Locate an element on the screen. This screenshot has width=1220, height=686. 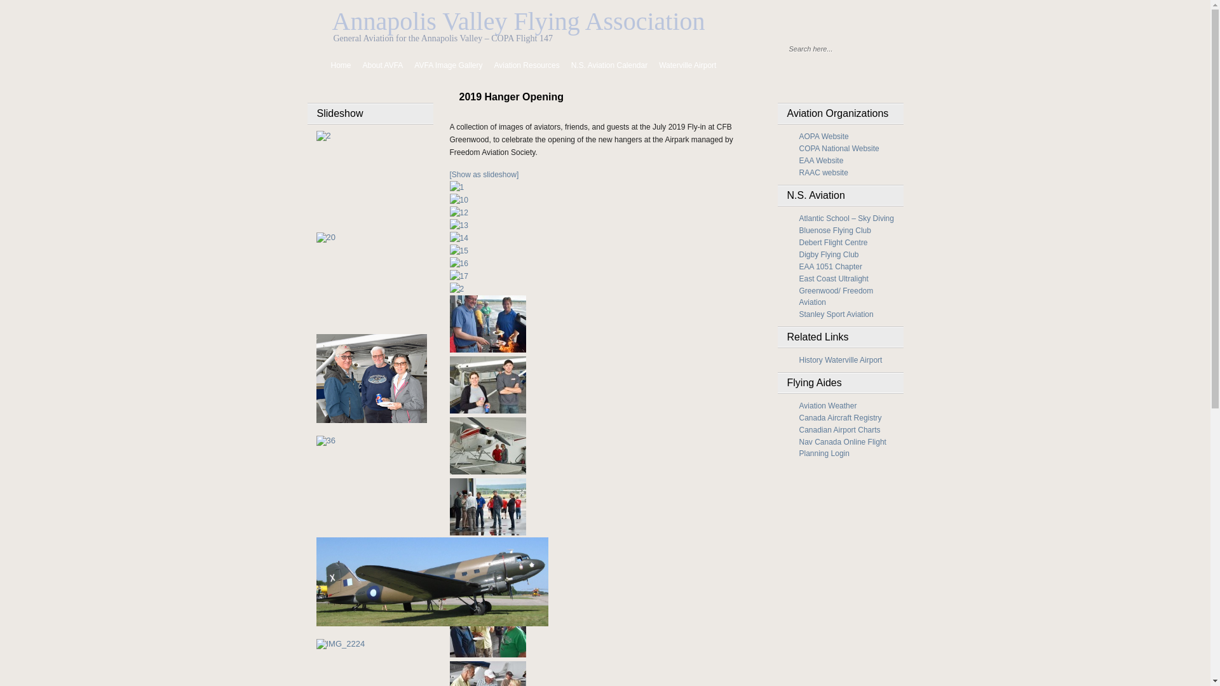
'Waterville Airport' is located at coordinates (686, 65).